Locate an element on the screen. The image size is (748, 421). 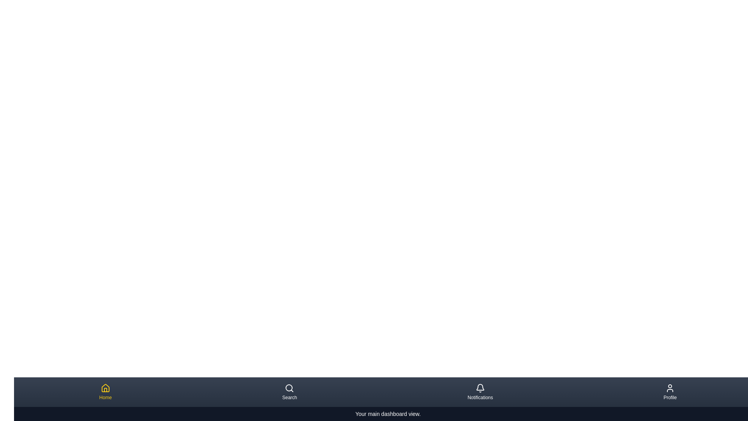
the navigation item corresponding to Profile to preview its description is located at coordinates (669, 392).